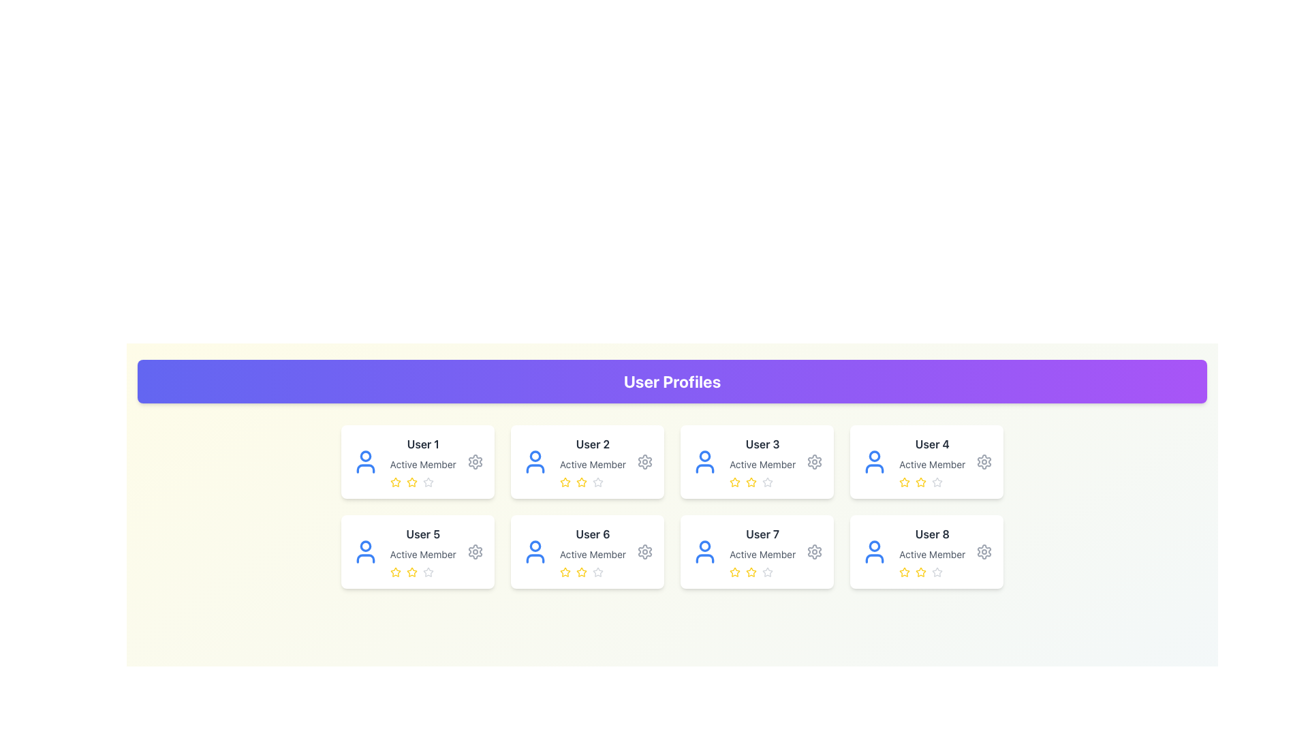 This screenshot has width=1308, height=736. What do you see at coordinates (411, 572) in the screenshot?
I see `the visual state of the second star icon in the rating system within the profile card labeled 'User 5'` at bounding box center [411, 572].